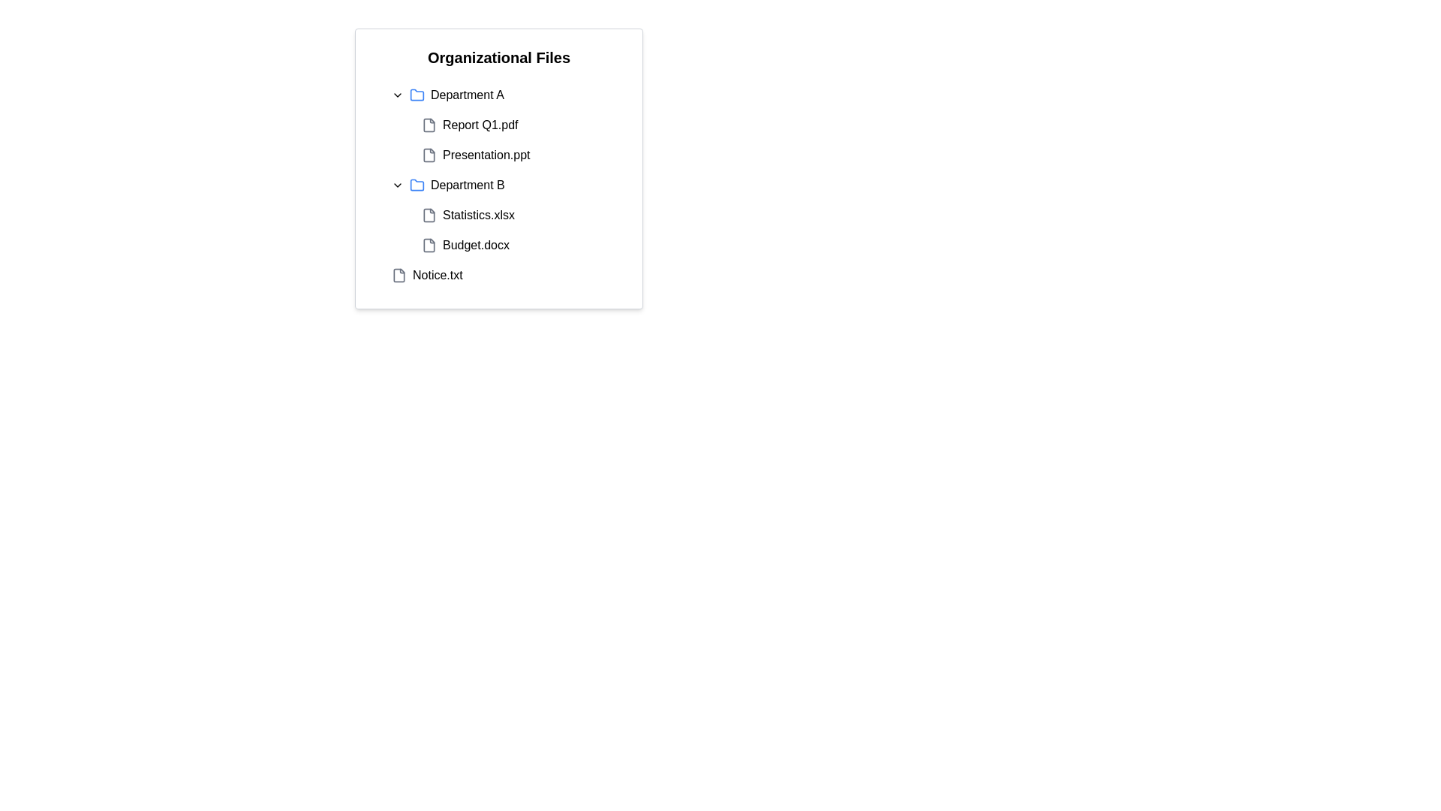 The width and height of the screenshot is (1441, 811). I want to click on the text label for the folder named 'Department A' located under 'Organizational Files', so click(466, 95).